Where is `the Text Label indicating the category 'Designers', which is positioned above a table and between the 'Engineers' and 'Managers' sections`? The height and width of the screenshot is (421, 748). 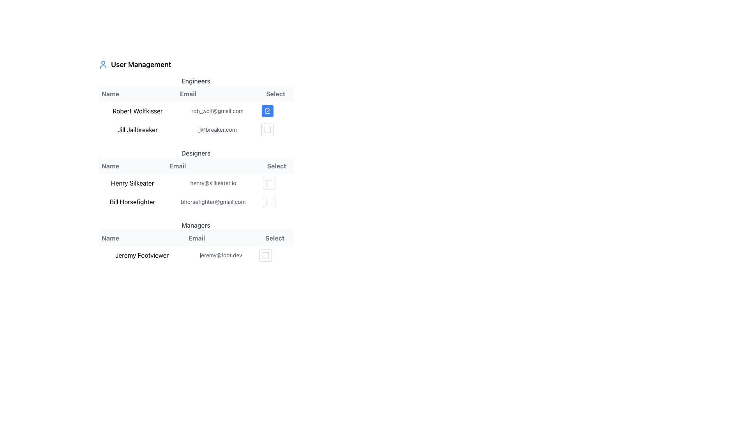
the Text Label indicating the category 'Designers', which is positioned above a table and between the 'Engineers' and 'Managers' sections is located at coordinates (196, 153).